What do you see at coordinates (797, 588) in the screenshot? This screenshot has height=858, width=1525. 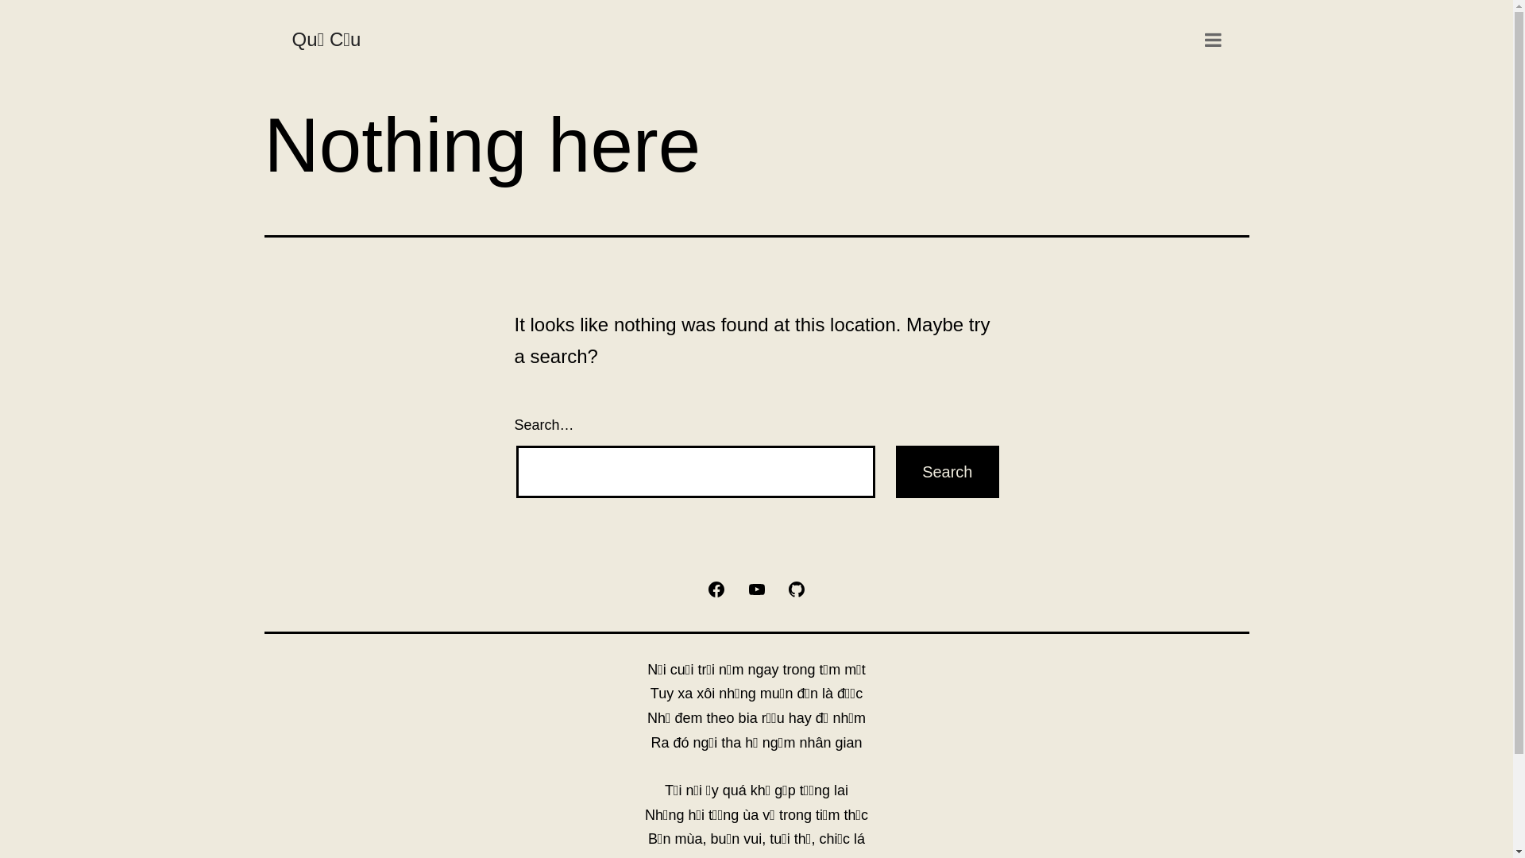 I see `'GitHub'` at bounding box center [797, 588].